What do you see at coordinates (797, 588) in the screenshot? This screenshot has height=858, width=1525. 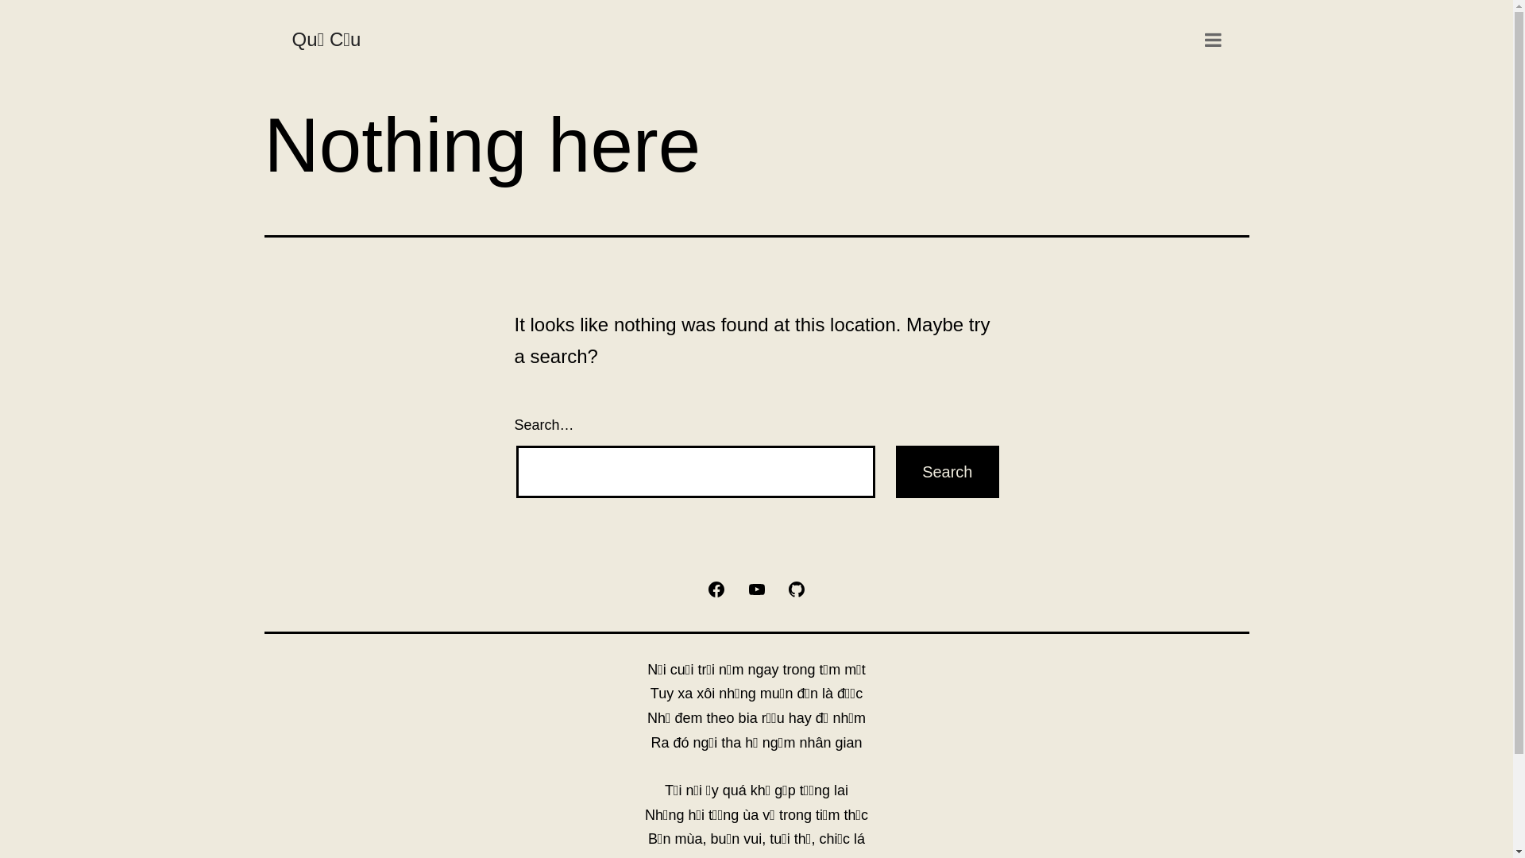 I see `'GitHub'` at bounding box center [797, 588].